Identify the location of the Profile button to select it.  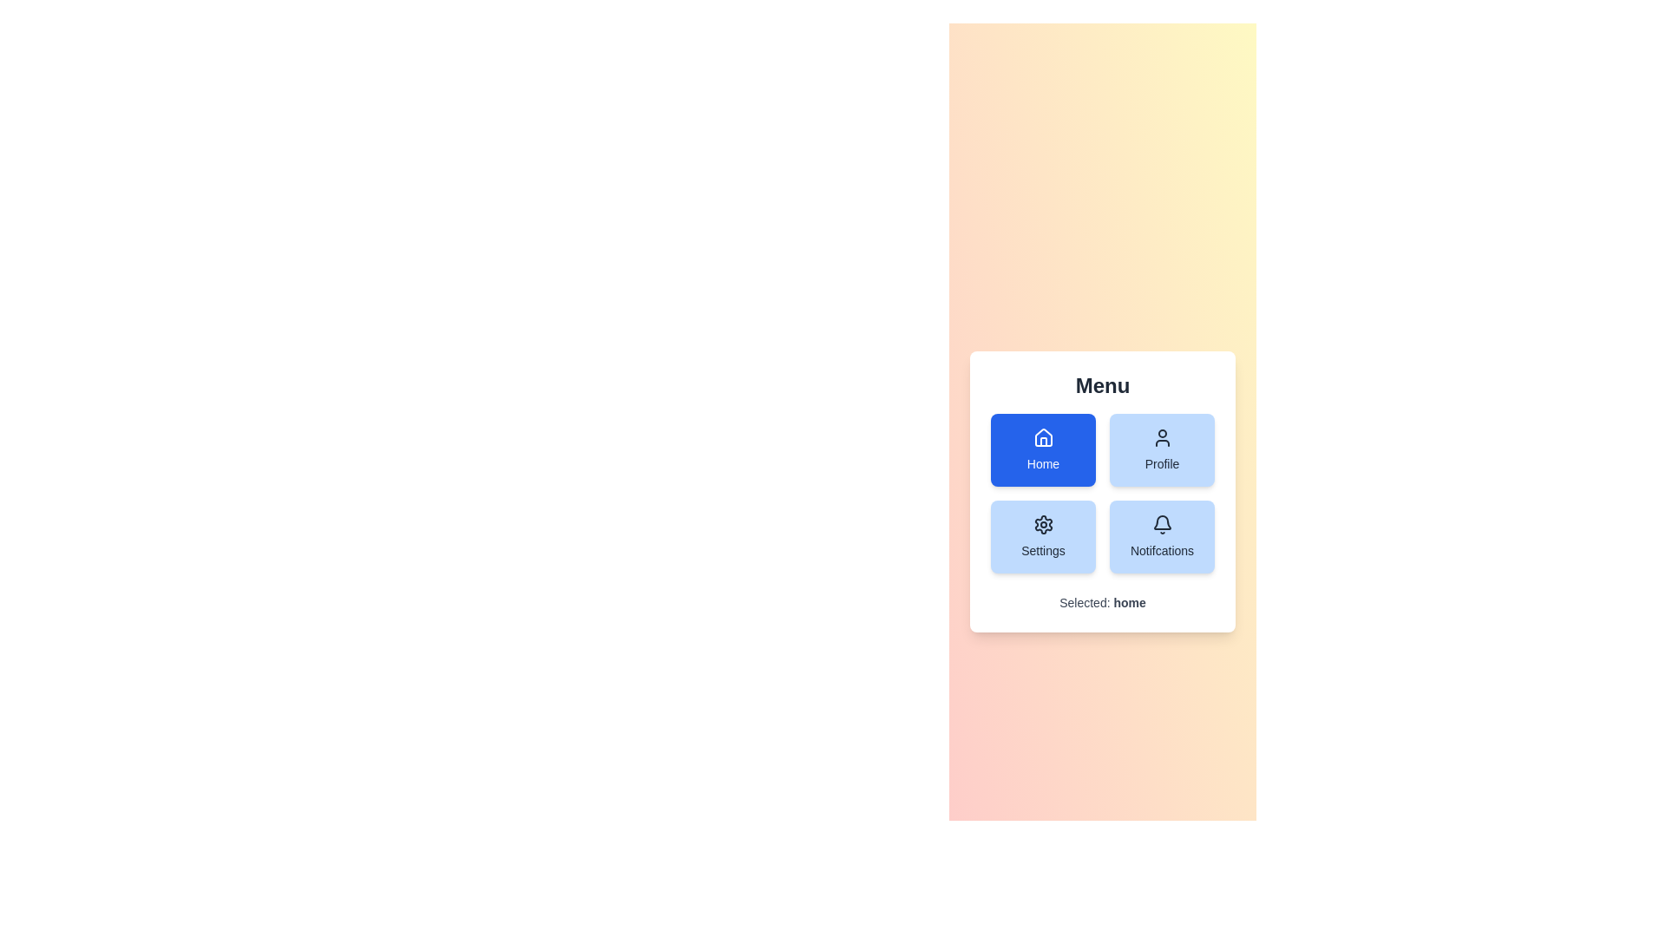
(1162, 449).